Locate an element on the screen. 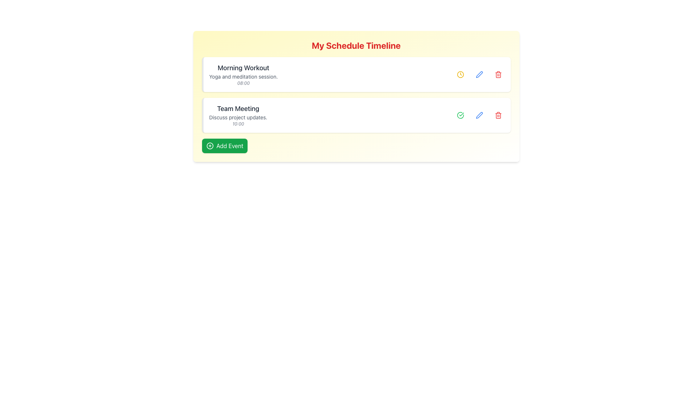 This screenshot has width=699, height=393. the Text Label that serves as the title for the schedule entry, located within the second schedule block below the 'Morning Workout' schedule block is located at coordinates (238, 109).